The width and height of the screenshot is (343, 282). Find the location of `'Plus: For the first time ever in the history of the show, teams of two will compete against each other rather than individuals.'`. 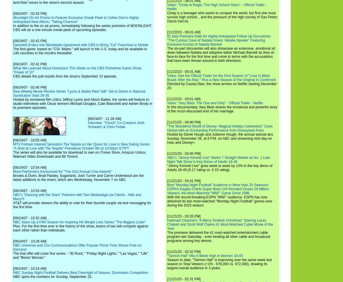

'Plus: For the first time ever in the history of the show, teams of two will compete against each other rather than individuals.' is located at coordinates (12, 228).